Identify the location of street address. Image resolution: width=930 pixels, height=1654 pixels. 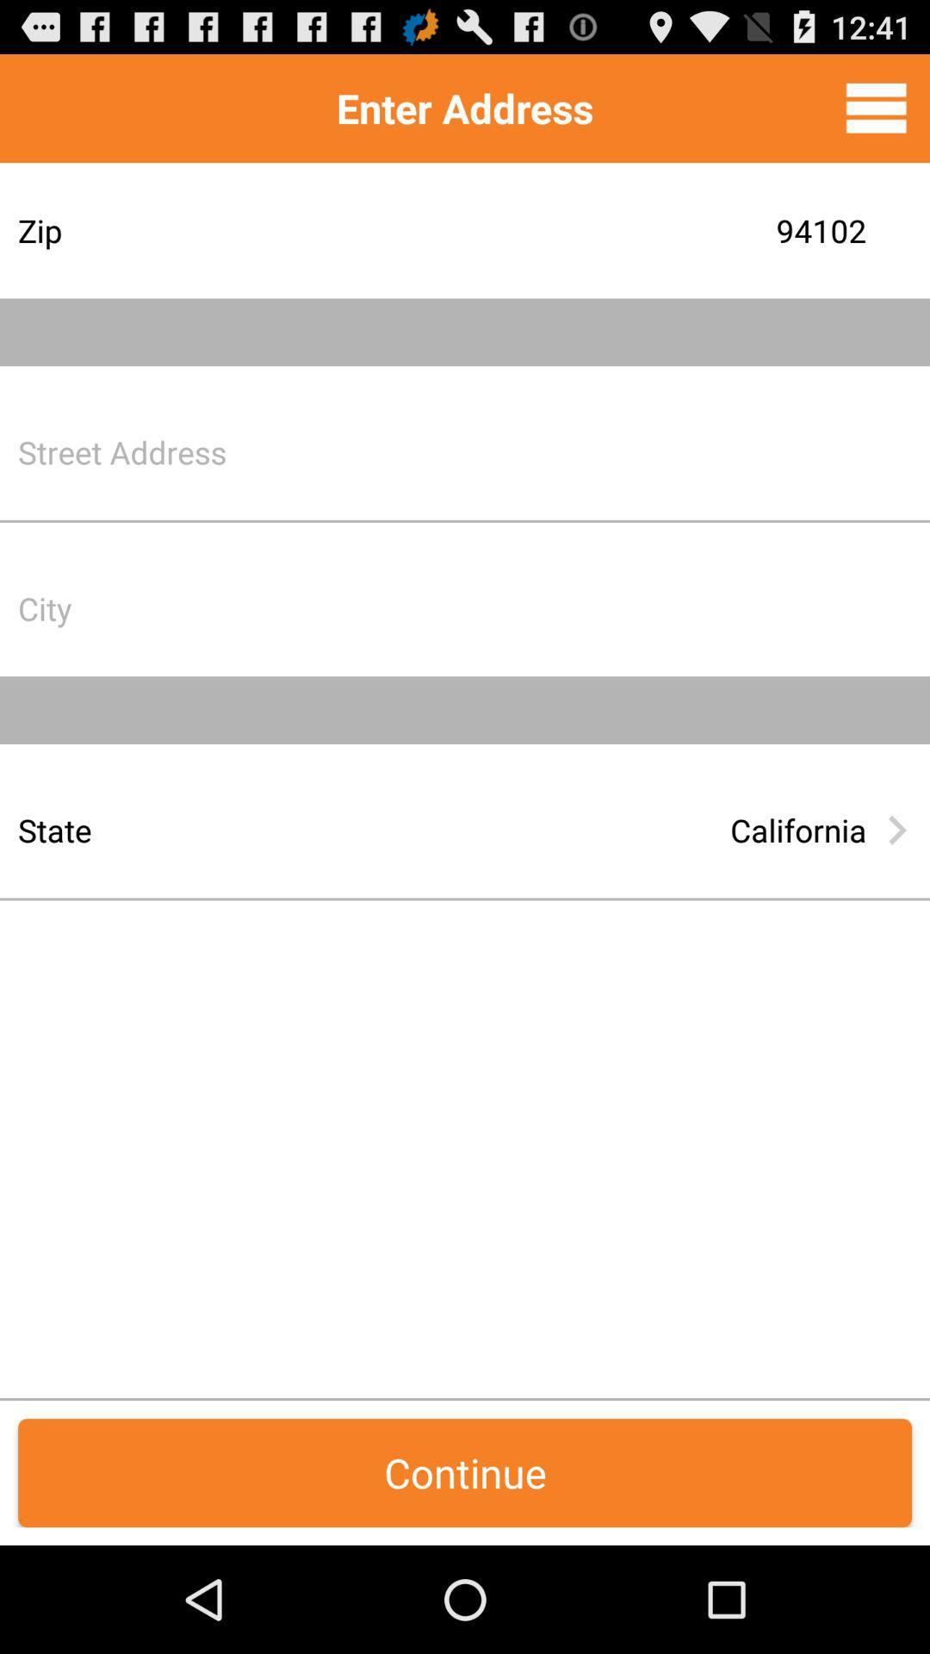
(598, 451).